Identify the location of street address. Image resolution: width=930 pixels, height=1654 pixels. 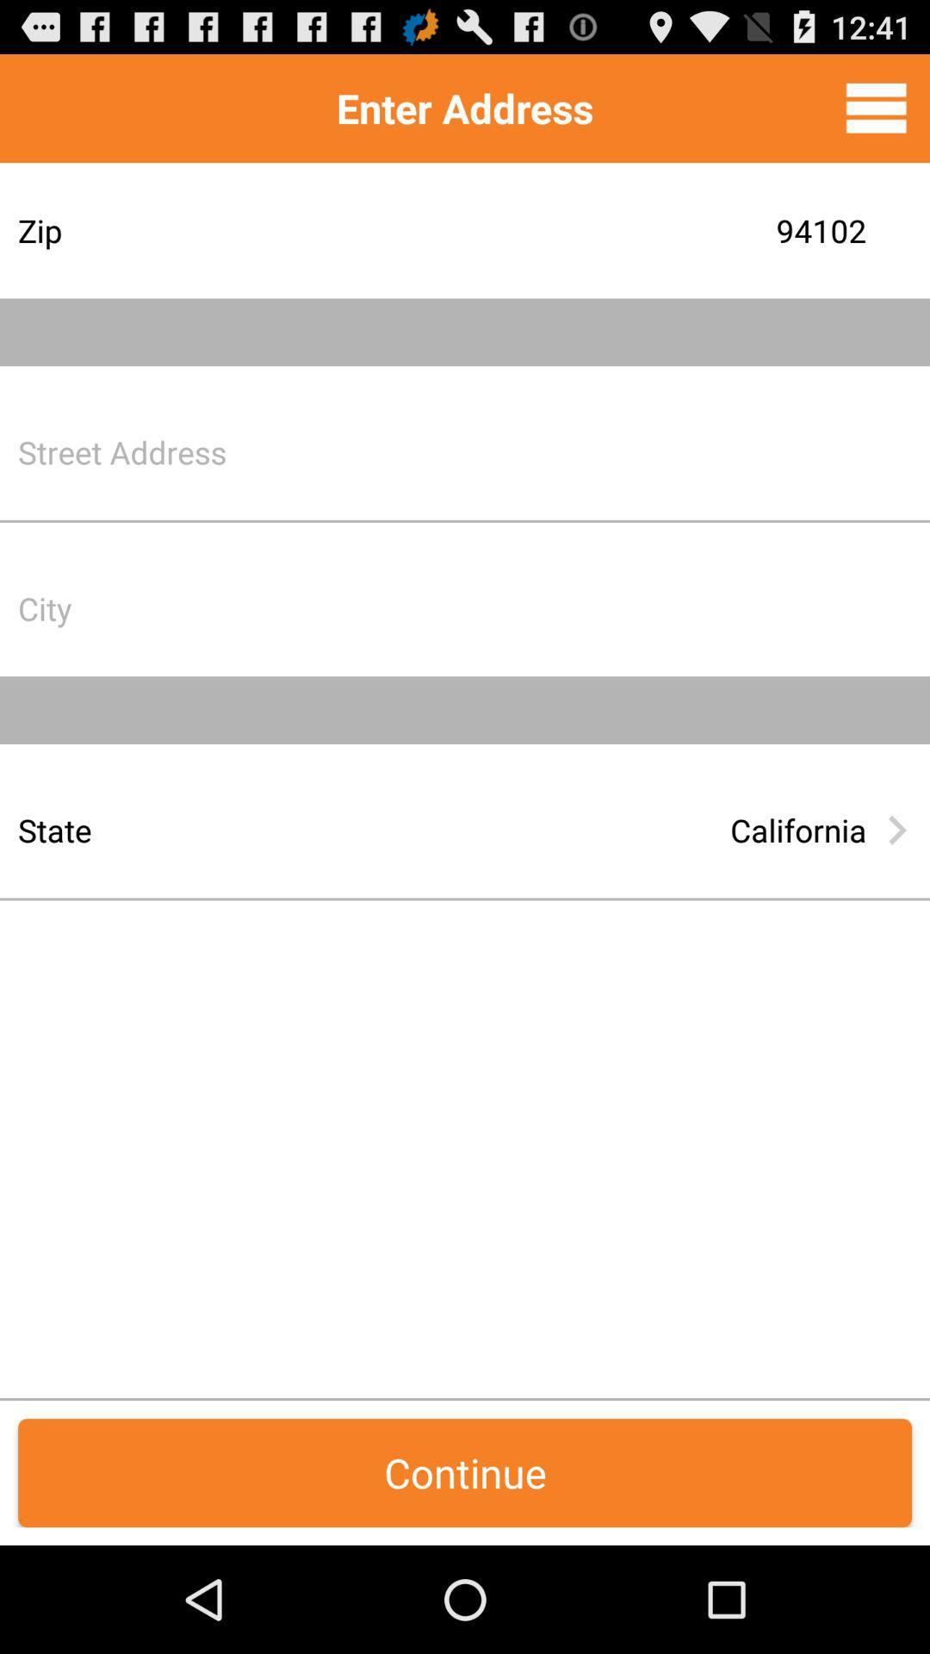
(598, 451).